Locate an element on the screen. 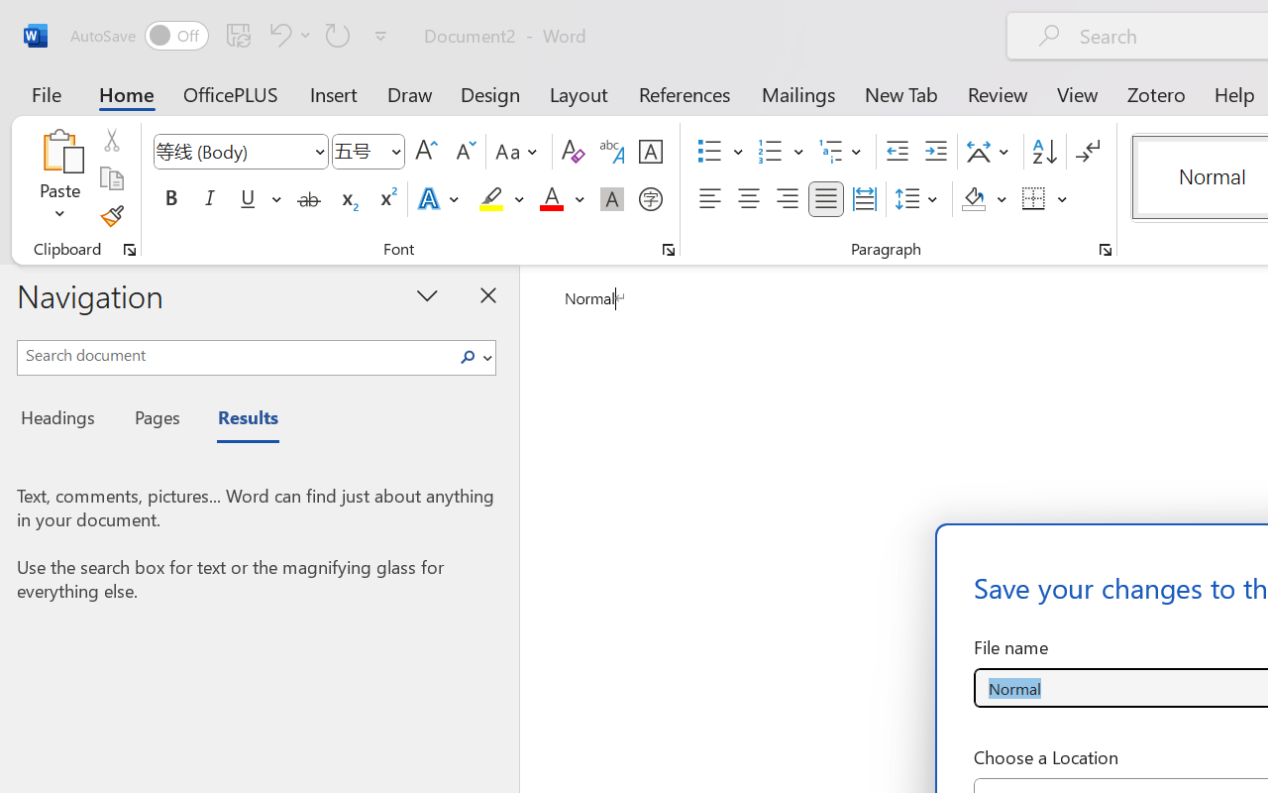  'Italic' is located at coordinates (210, 199).